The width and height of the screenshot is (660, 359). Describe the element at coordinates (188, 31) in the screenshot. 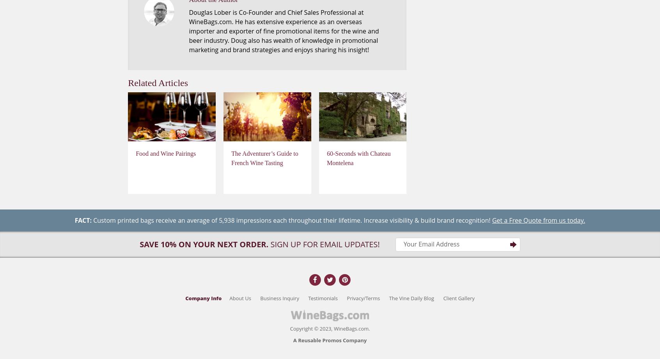

I see `'Douglas Lober is Co-Founder and Chief Sales Professional at WineBags.com. He has extensive experience as an overseas importer and exporter of fine promotional items for the wine and beer industry. Doug also has wealth of knowledge in promotional marketing and brand strategies and enjoys sharing his insight!'` at that location.